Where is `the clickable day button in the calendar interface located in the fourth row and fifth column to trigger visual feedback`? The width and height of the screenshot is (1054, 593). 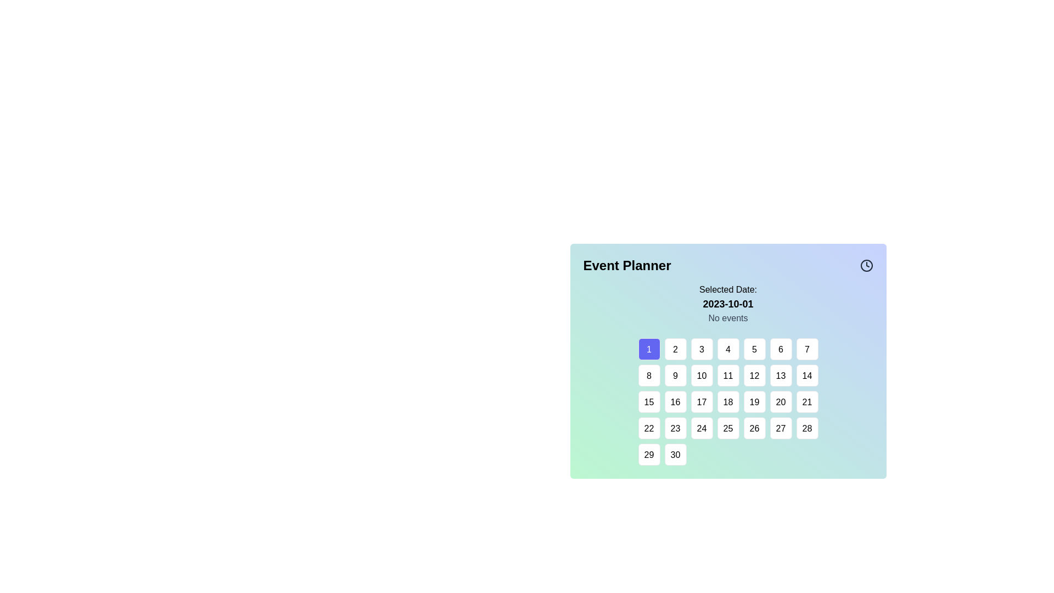
the clickable day button in the calendar interface located in the fourth row and fifth column to trigger visual feedback is located at coordinates (754, 427).